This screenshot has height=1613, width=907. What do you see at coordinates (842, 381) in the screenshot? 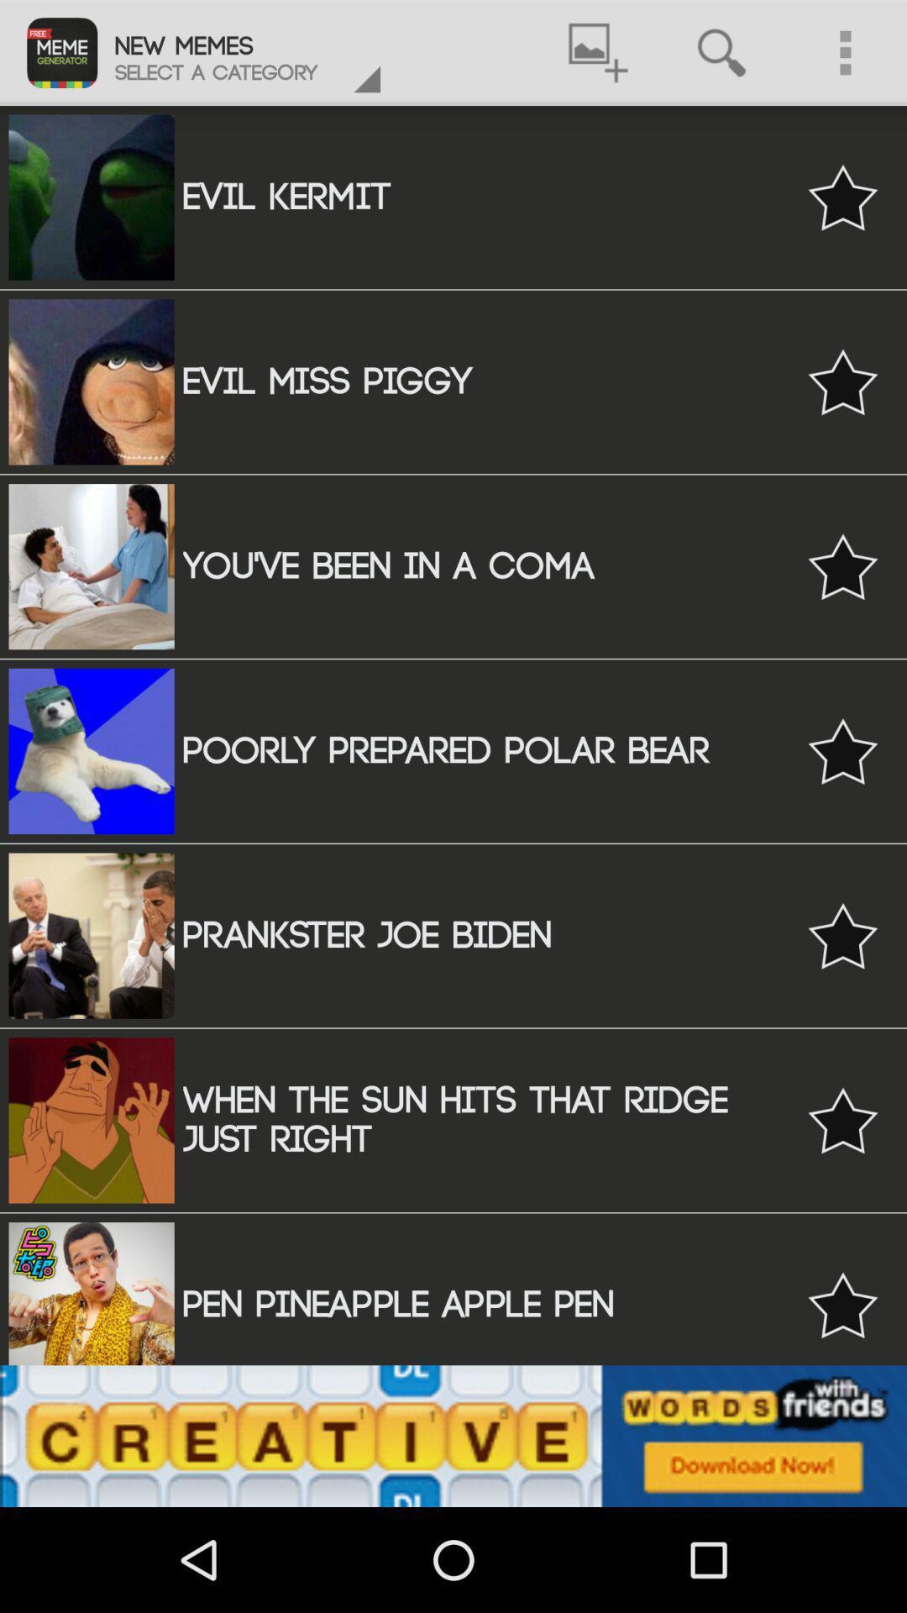
I see `favorite` at bounding box center [842, 381].